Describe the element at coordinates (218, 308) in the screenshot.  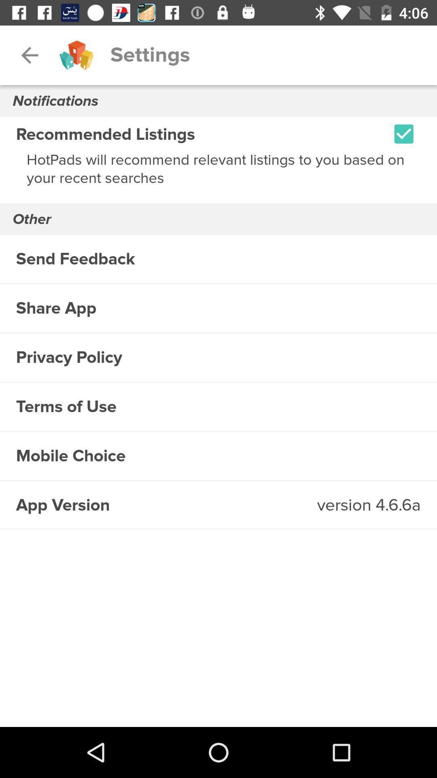
I see `the share app  item` at that location.